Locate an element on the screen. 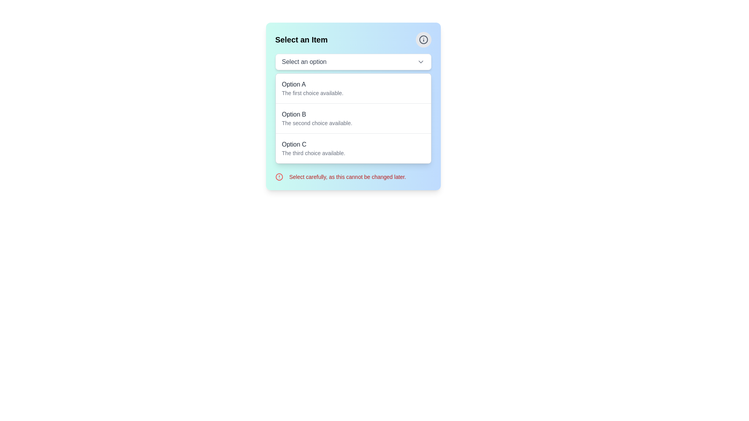  the gray downward-facing chevron icon located to the right of the 'Select an option' text in the dropdown menu is located at coordinates (420, 61).